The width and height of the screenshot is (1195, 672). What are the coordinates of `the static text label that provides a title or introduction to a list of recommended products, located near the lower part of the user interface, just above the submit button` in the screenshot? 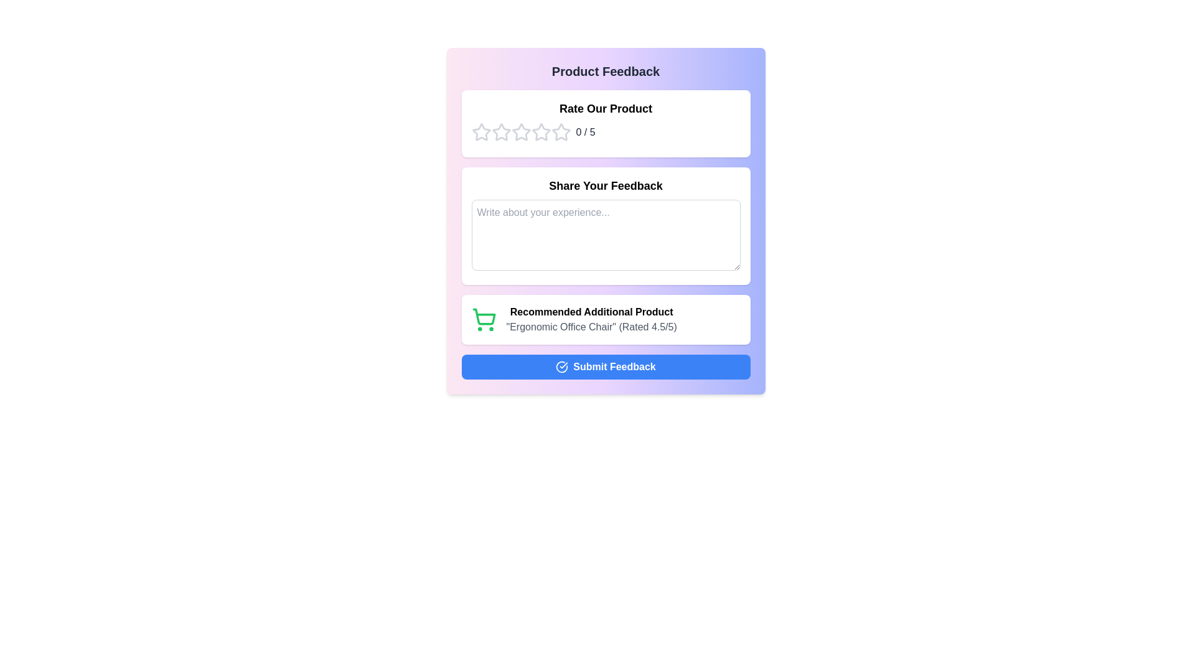 It's located at (591, 311).